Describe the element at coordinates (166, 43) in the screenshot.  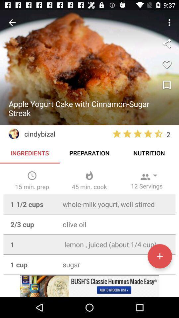
I see `page share button` at that location.